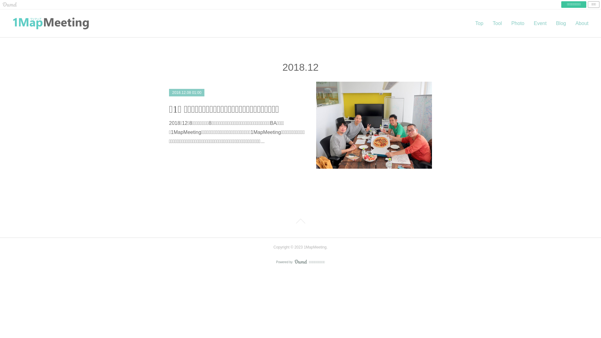 The height and width of the screenshot is (338, 601). Describe the element at coordinates (186, 93) in the screenshot. I see `'2018.12.08 01:00'` at that location.